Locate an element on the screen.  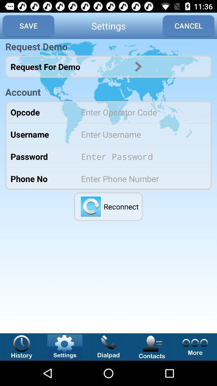
the save item is located at coordinates (28, 26).